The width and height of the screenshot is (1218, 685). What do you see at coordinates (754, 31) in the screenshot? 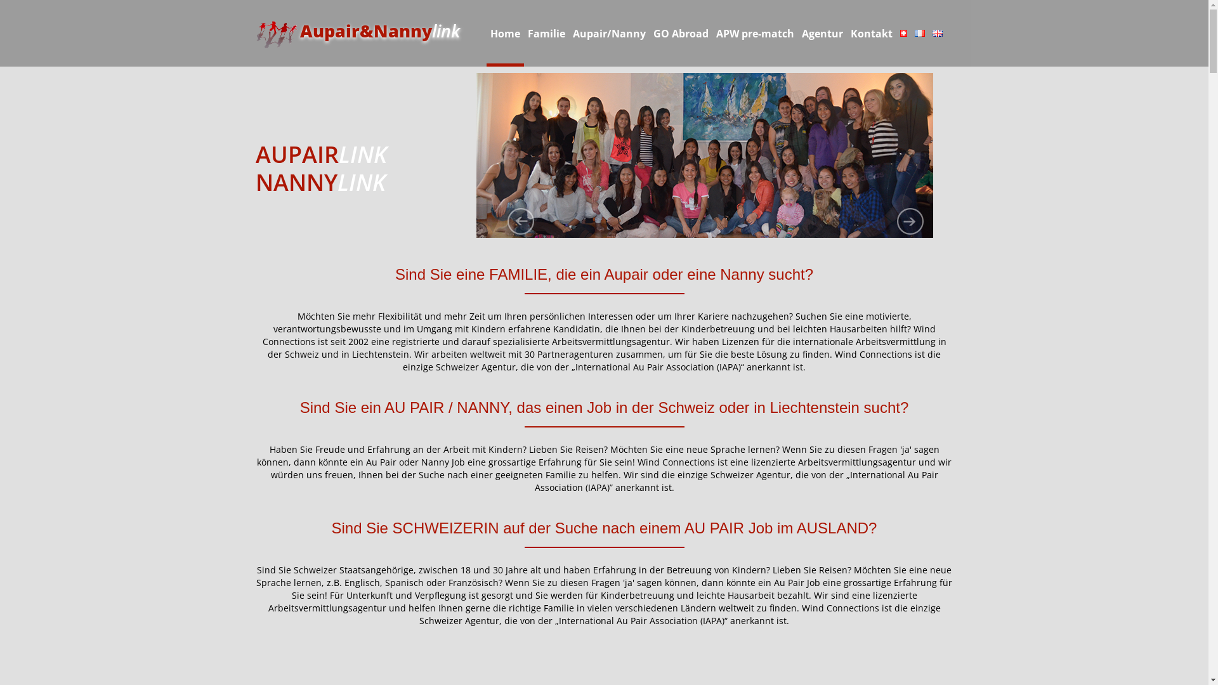
I see `'APW pre-match'` at bounding box center [754, 31].